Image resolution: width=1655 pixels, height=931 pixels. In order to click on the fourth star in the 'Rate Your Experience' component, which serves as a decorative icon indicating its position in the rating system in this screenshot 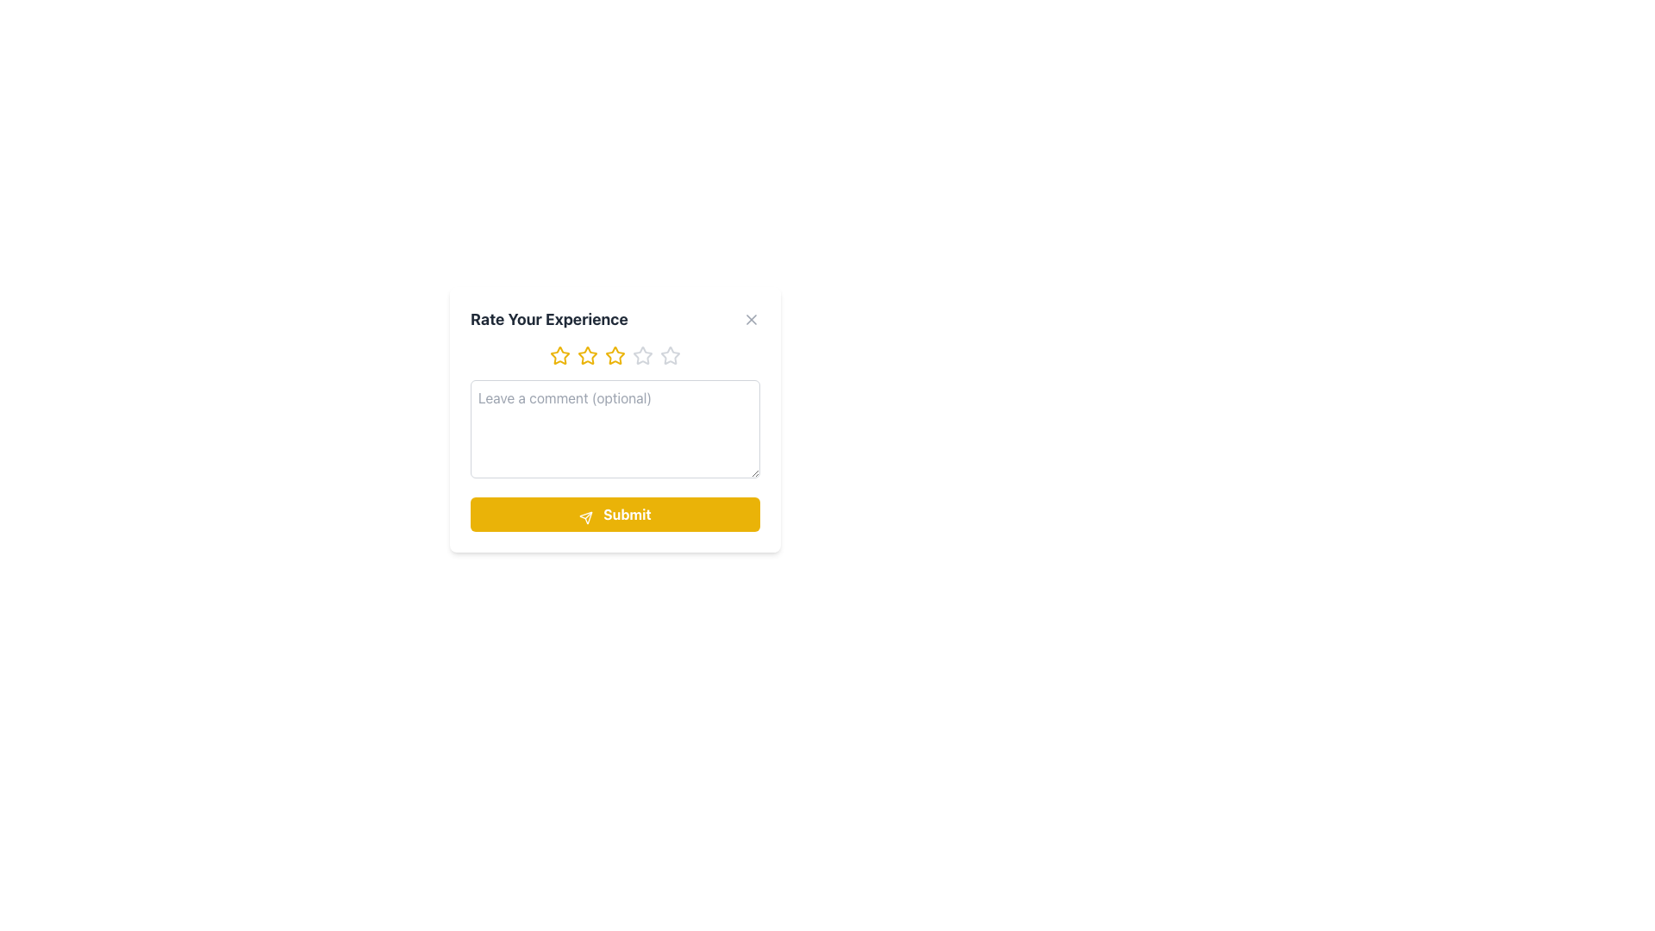, I will do `click(669, 354)`.